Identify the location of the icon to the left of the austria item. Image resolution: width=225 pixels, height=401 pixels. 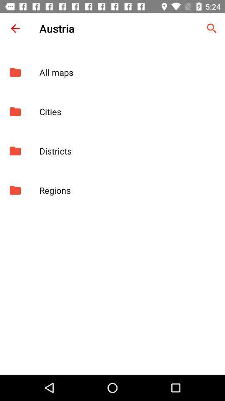
(15, 28).